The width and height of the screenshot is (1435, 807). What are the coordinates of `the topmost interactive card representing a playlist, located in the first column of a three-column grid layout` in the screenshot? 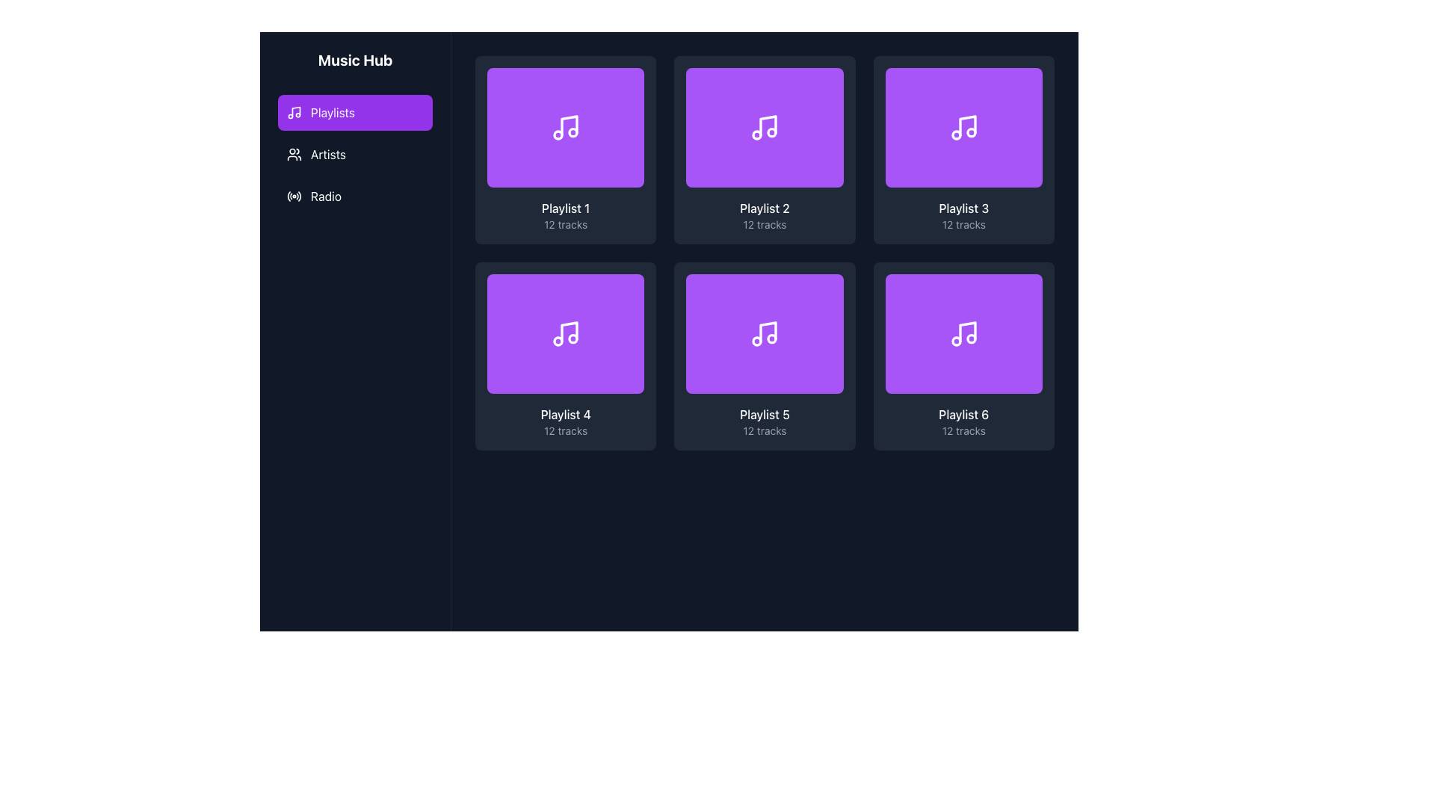 It's located at (565, 149).